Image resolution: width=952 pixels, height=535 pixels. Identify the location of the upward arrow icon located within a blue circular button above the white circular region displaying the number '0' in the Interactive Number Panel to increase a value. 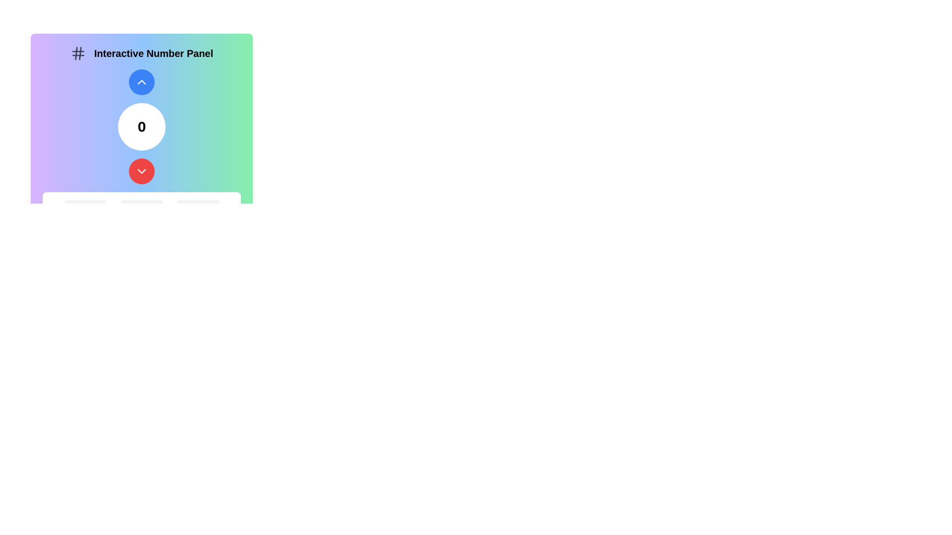
(141, 81).